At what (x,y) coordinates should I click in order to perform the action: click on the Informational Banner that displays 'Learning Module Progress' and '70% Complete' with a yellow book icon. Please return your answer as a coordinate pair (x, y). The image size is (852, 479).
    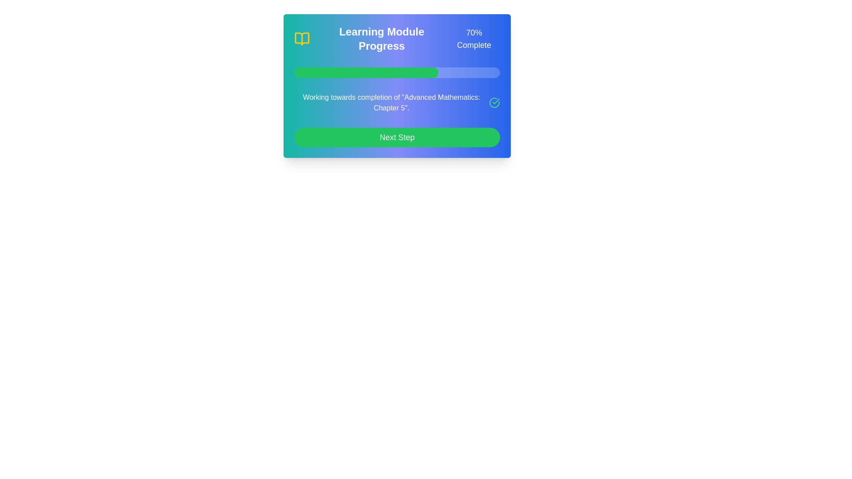
    Looking at the image, I should click on (396, 39).